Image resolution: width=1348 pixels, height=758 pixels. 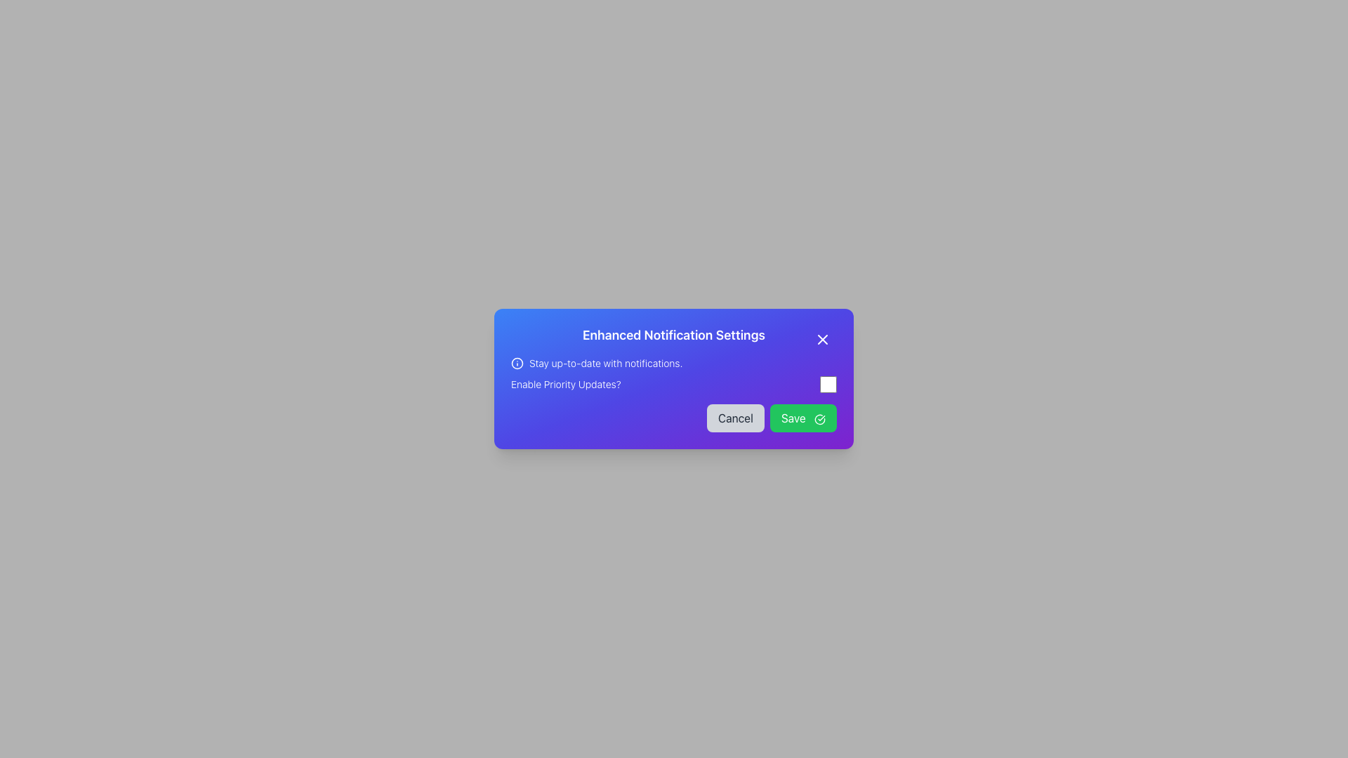 I want to click on 'Save' button text displayed in white font on a green rectangular button, located in the bottom-right section of the dialog box, so click(x=793, y=418).